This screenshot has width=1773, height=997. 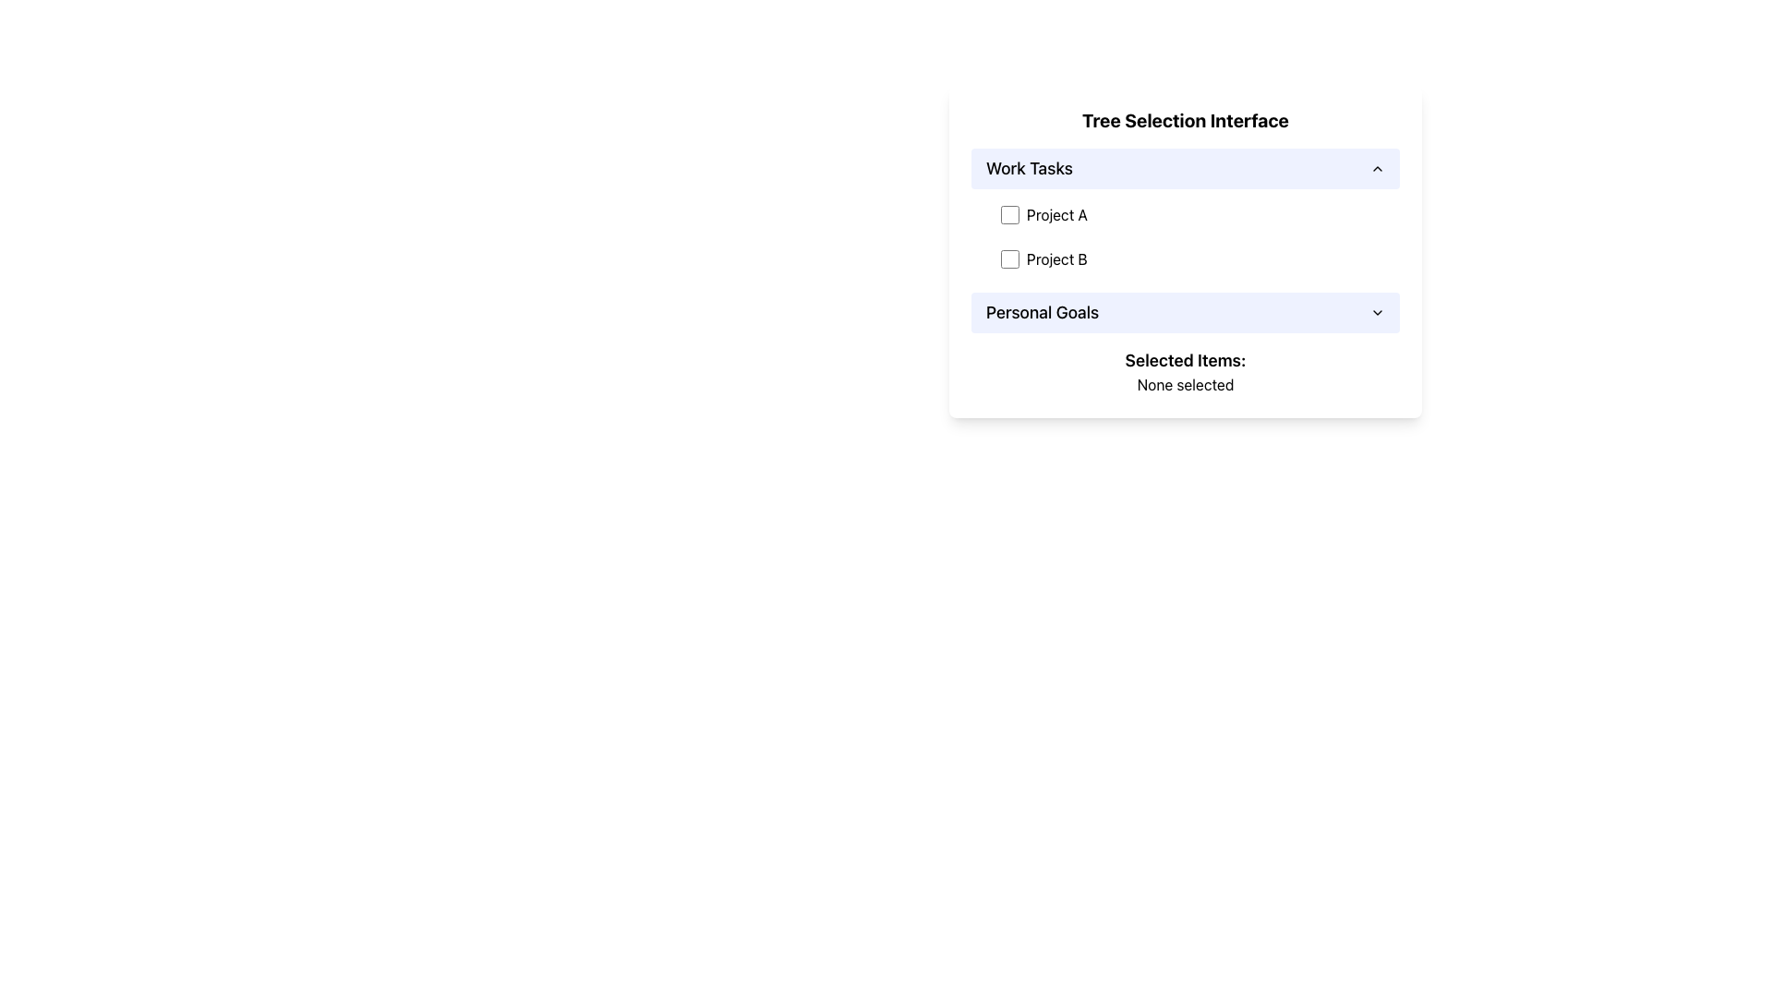 What do you see at coordinates (1185, 371) in the screenshot?
I see `the informational display text element labeled 'Selected Items:' which indicates the current selection status with 'None selected' on a white background` at bounding box center [1185, 371].